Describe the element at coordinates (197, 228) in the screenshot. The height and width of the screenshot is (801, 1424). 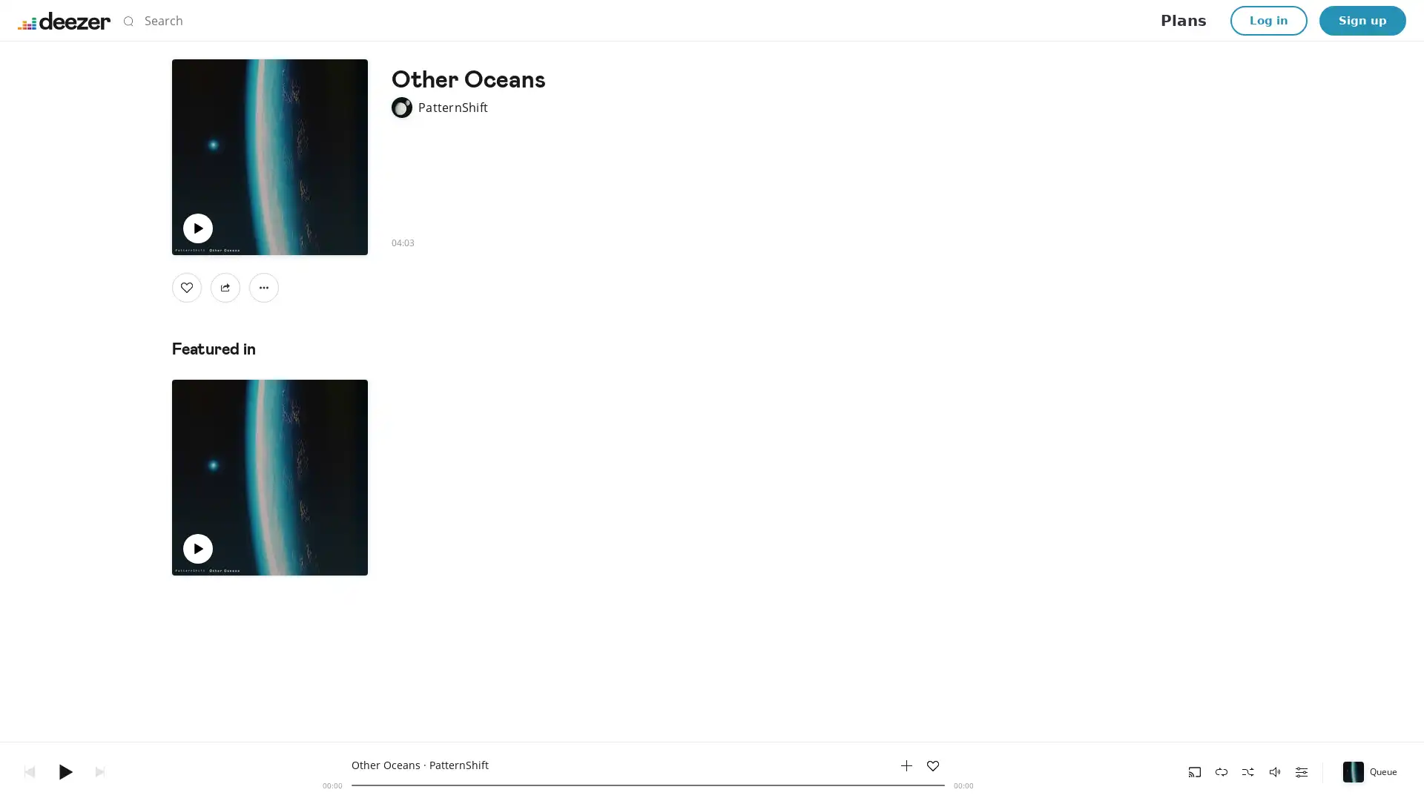
I see `Play` at that location.